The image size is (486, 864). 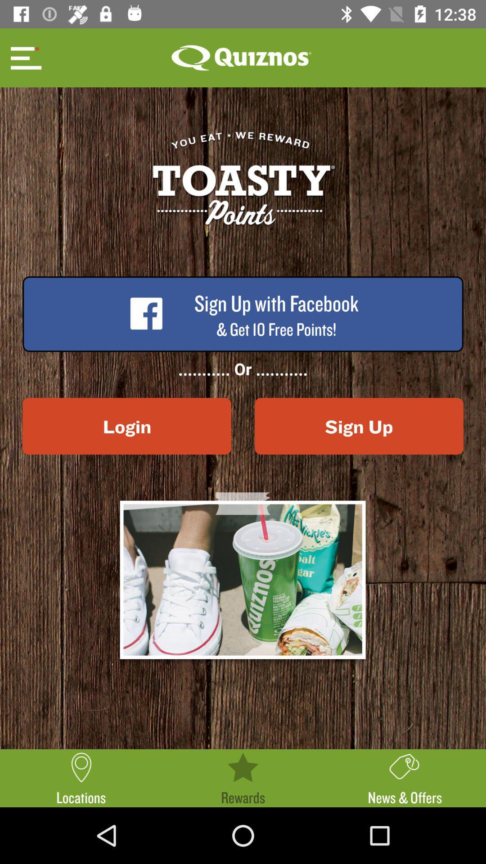 What do you see at coordinates (126, 426) in the screenshot?
I see `login item` at bounding box center [126, 426].